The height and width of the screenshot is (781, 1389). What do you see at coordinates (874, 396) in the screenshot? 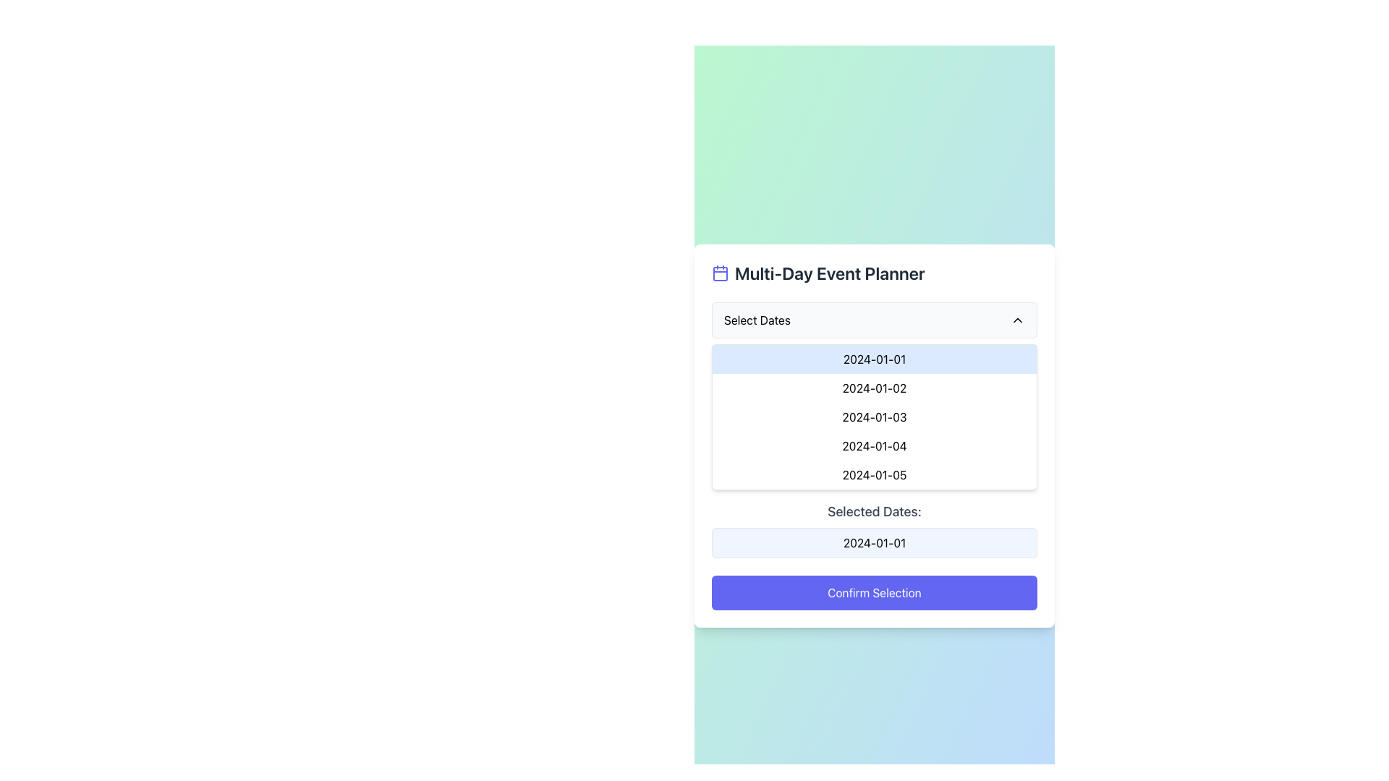
I see `the second date item ('2024-01-02') in the dropdown menu under the 'Select Dates' header in the 'Multi-Day Event Planner' card` at bounding box center [874, 396].